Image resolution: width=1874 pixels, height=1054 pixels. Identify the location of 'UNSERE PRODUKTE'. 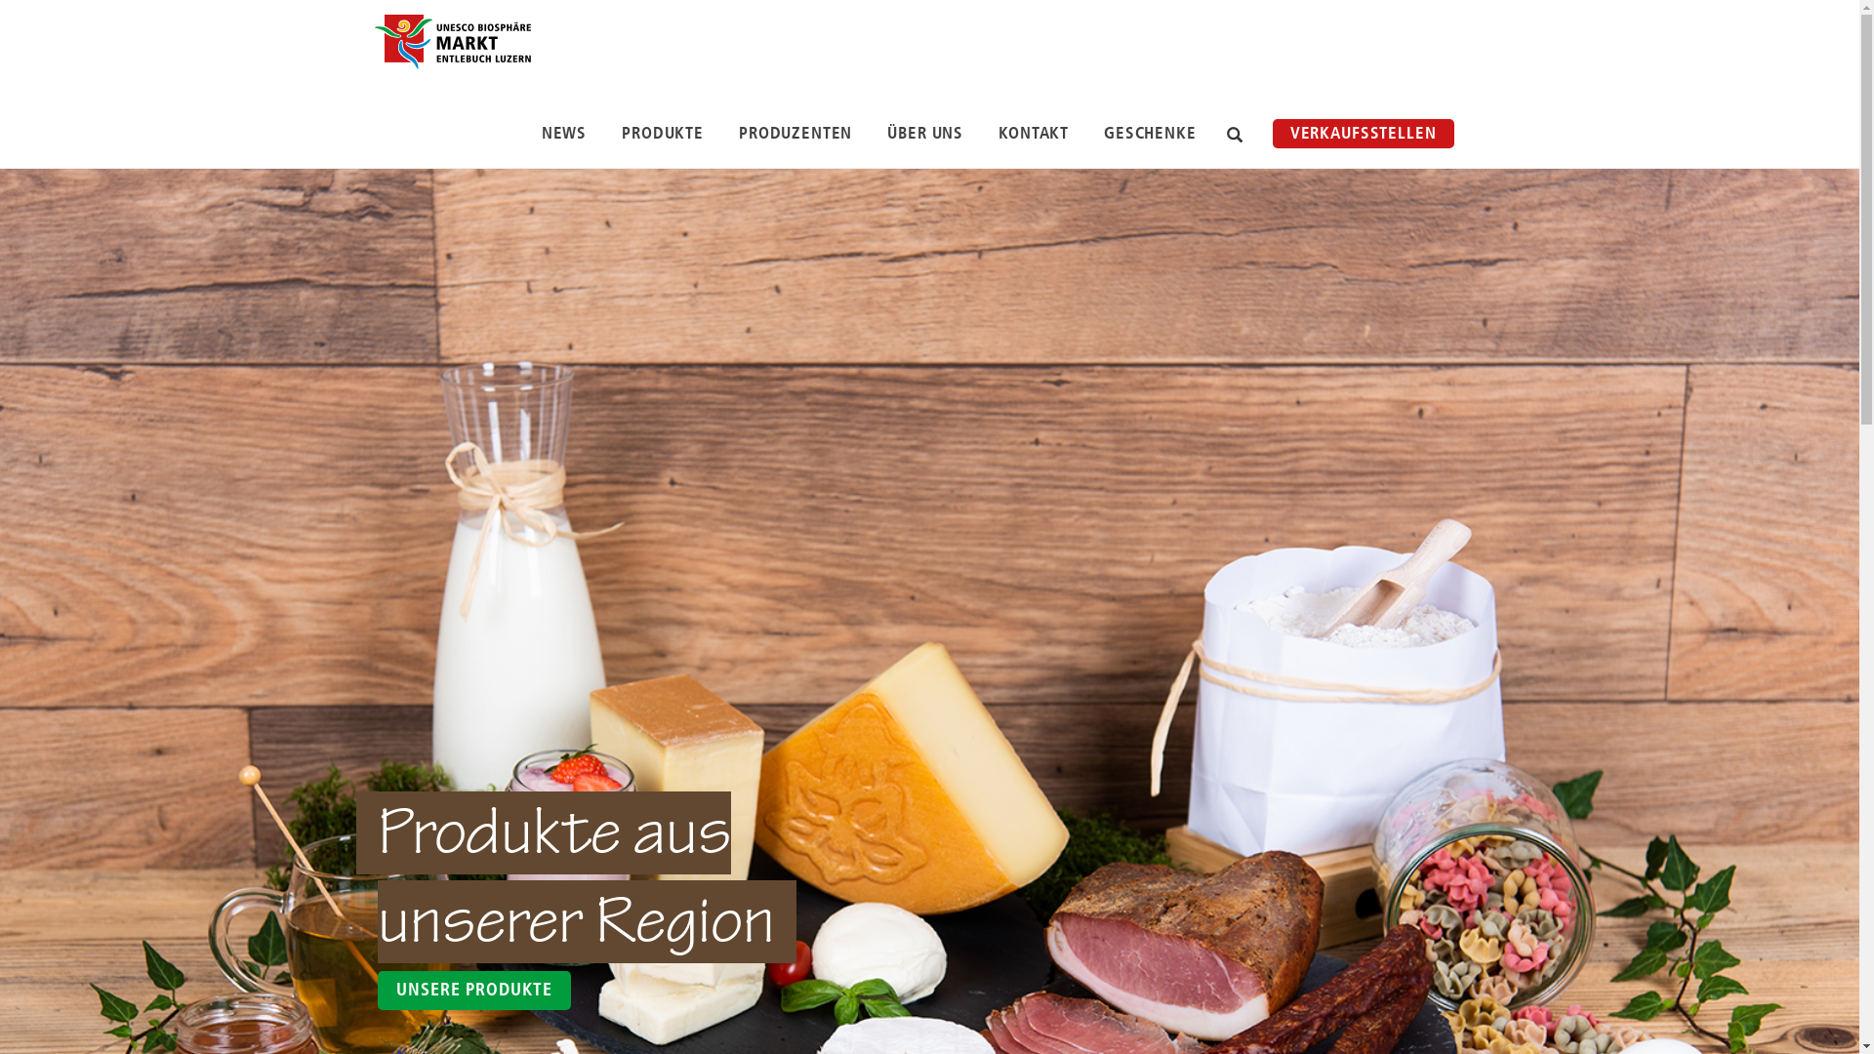
(378, 990).